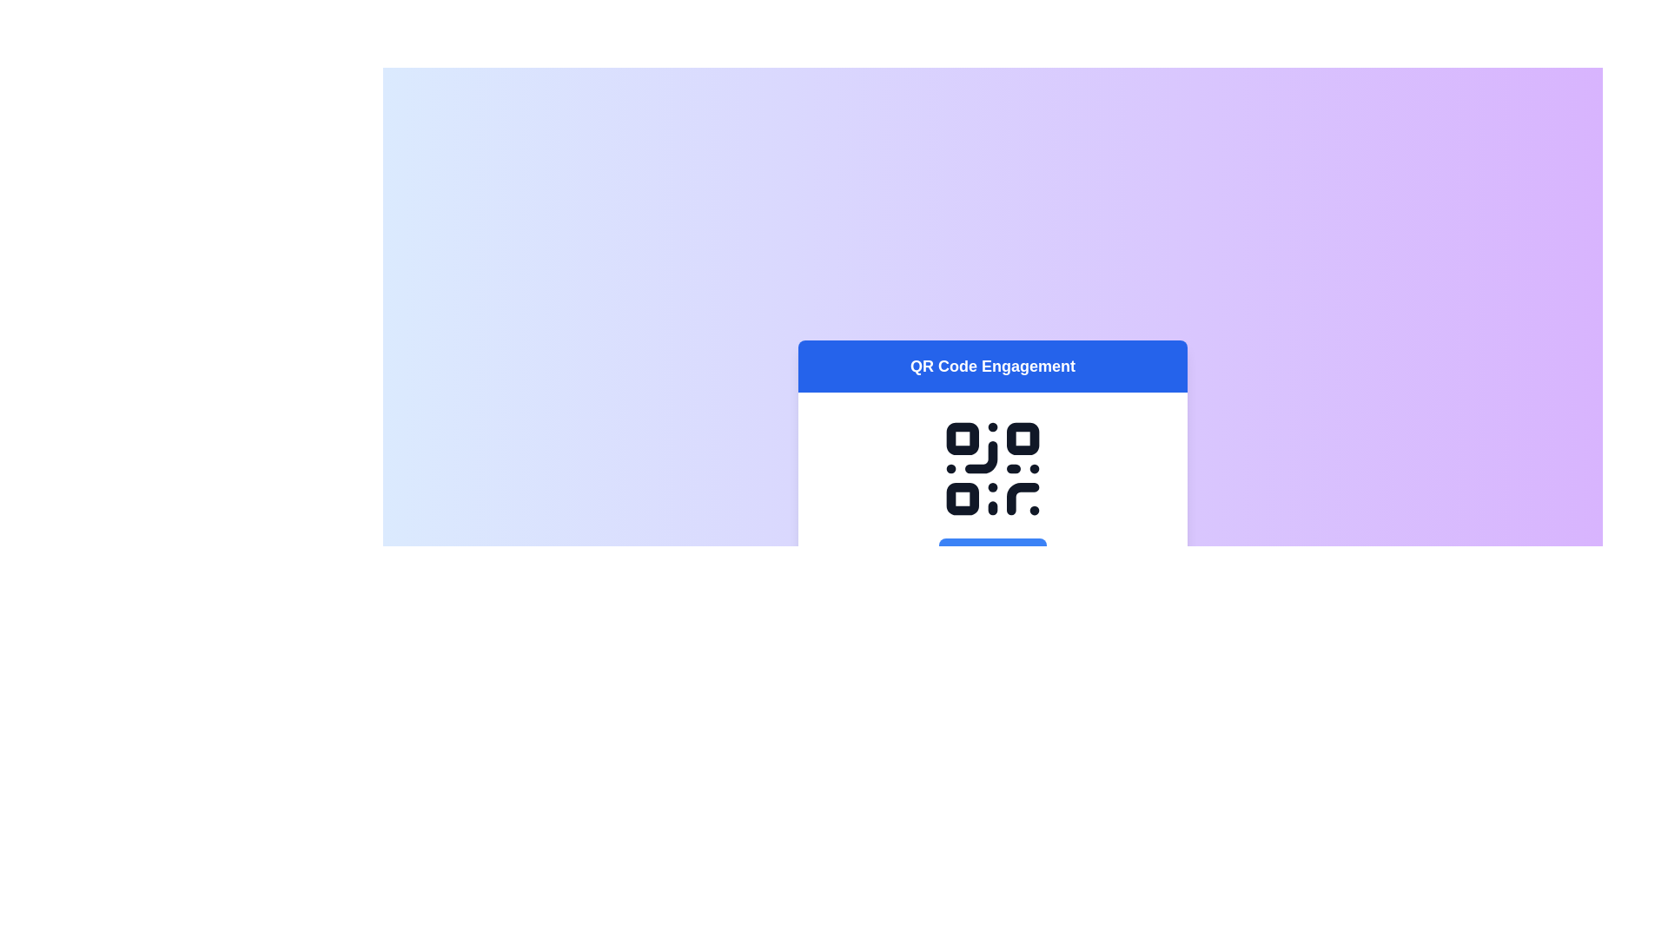  Describe the element at coordinates (992, 492) in the screenshot. I see `the static graphical representation of the QR code displayed below the title 'QR Code Engagement' and above the textual information section` at that location.